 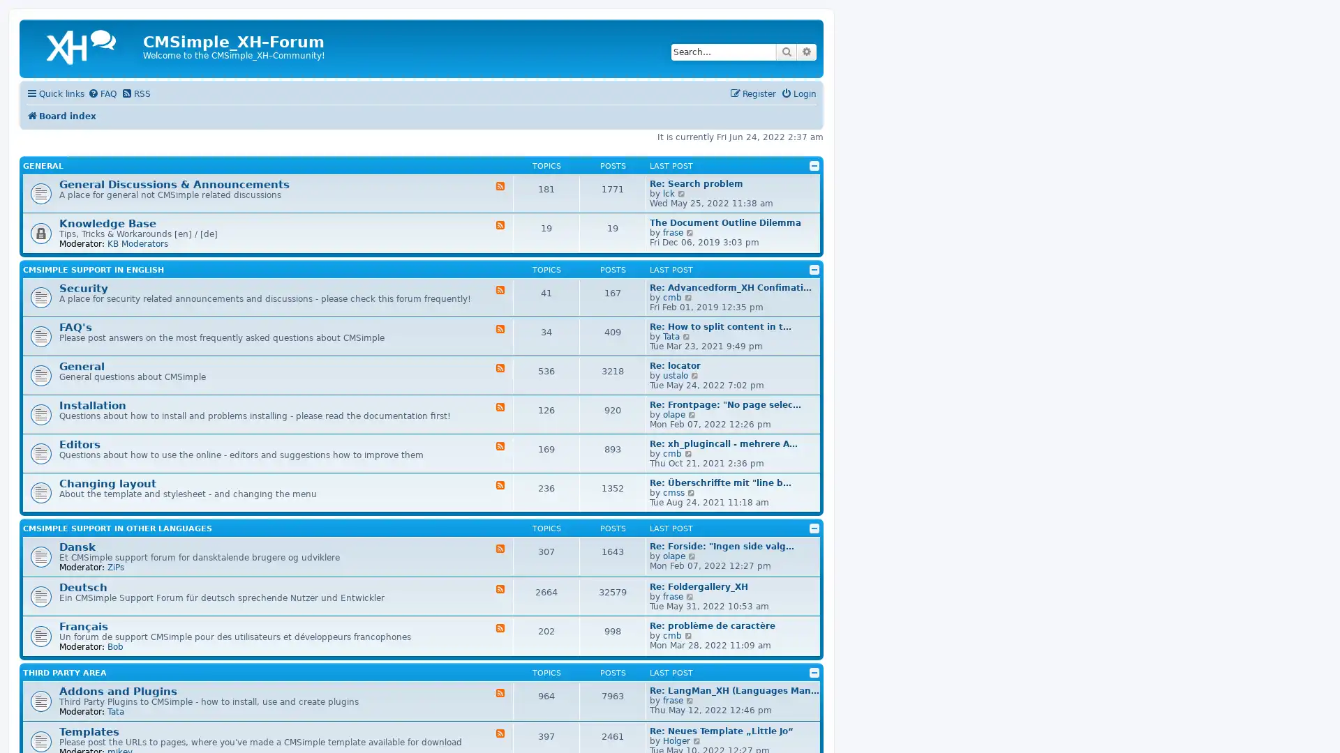 What do you see at coordinates (787, 51) in the screenshot?
I see `Search` at bounding box center [787, 51].